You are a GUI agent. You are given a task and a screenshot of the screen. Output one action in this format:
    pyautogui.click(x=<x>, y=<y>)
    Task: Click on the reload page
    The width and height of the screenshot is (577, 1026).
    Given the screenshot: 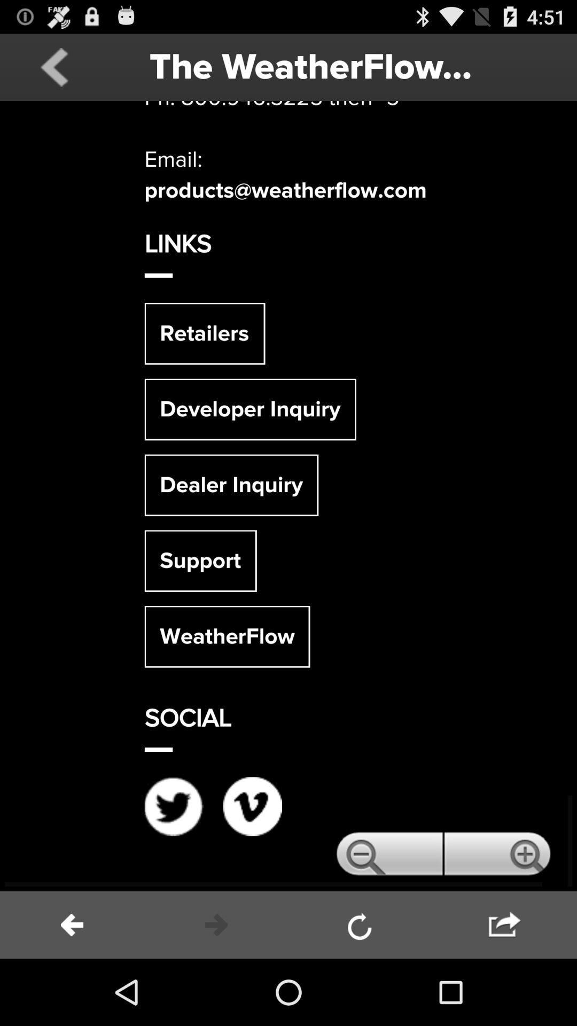 What is the action you would take?
    pyautogui.click(x=361, y=924)
    